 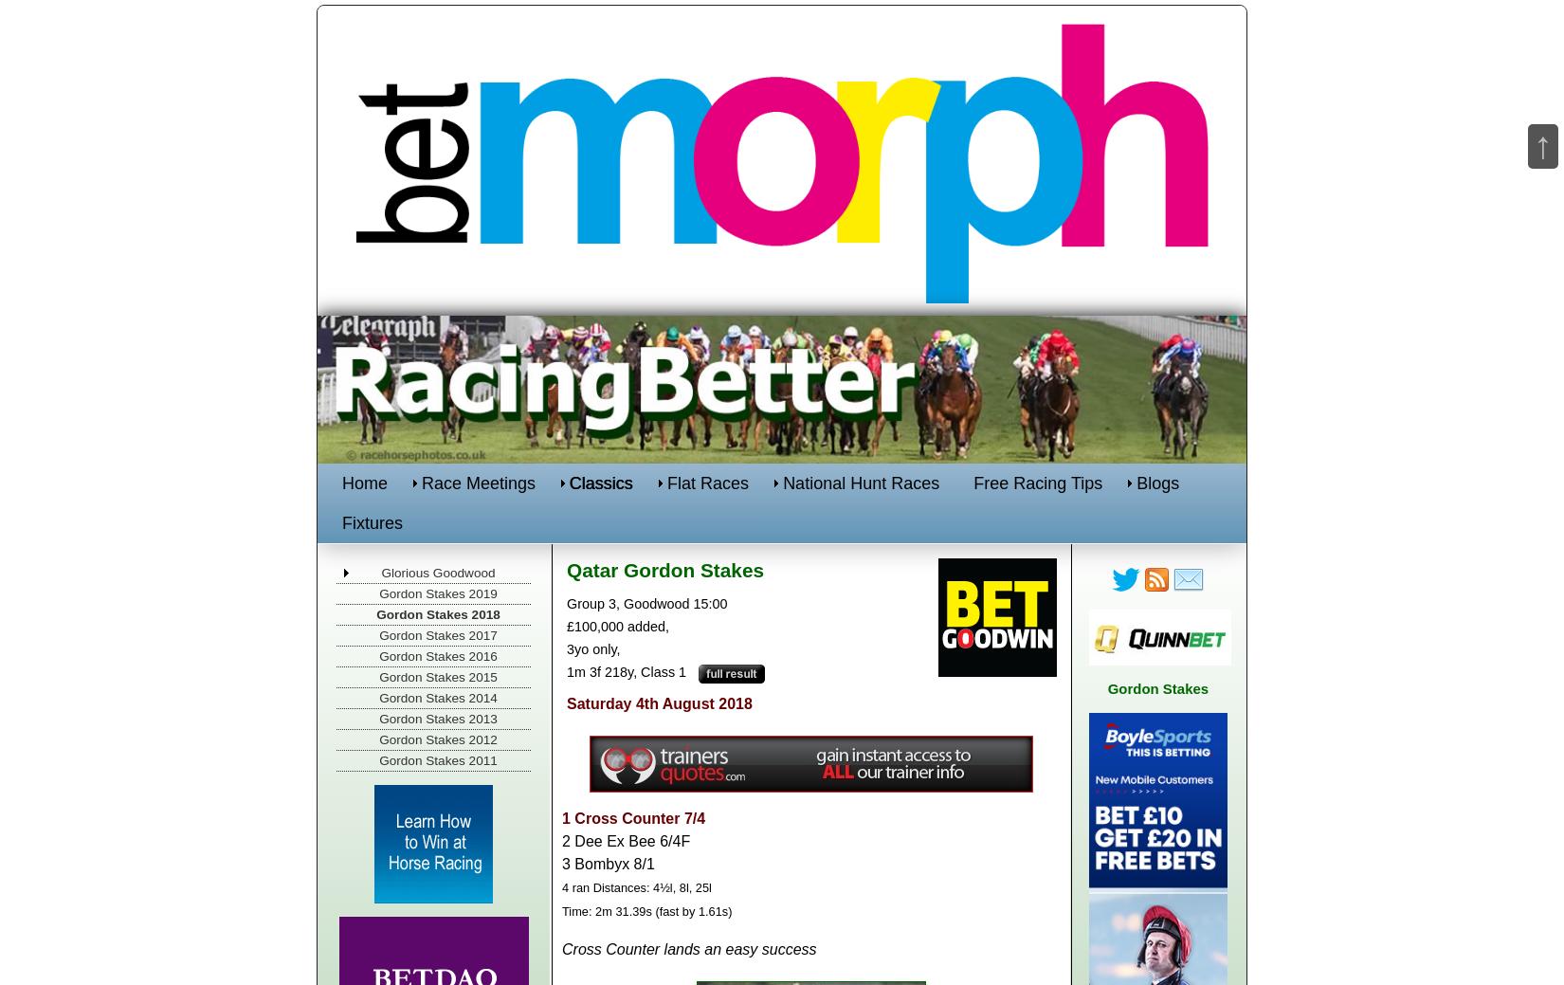 What do you see at coordinates (565, 569) in the screenshot?
I see `'Qatar Gordon Stakes'` at bounding box center [565, 569].